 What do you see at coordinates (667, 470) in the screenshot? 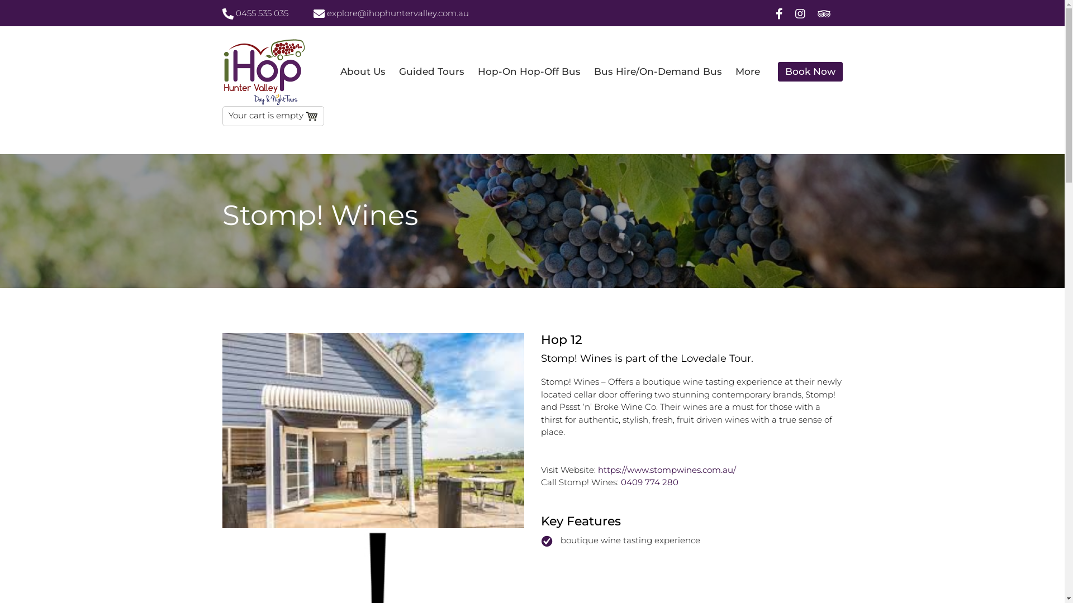
I see `'https://www.stompwines.com.au/'` at bounding box center [667, 470].